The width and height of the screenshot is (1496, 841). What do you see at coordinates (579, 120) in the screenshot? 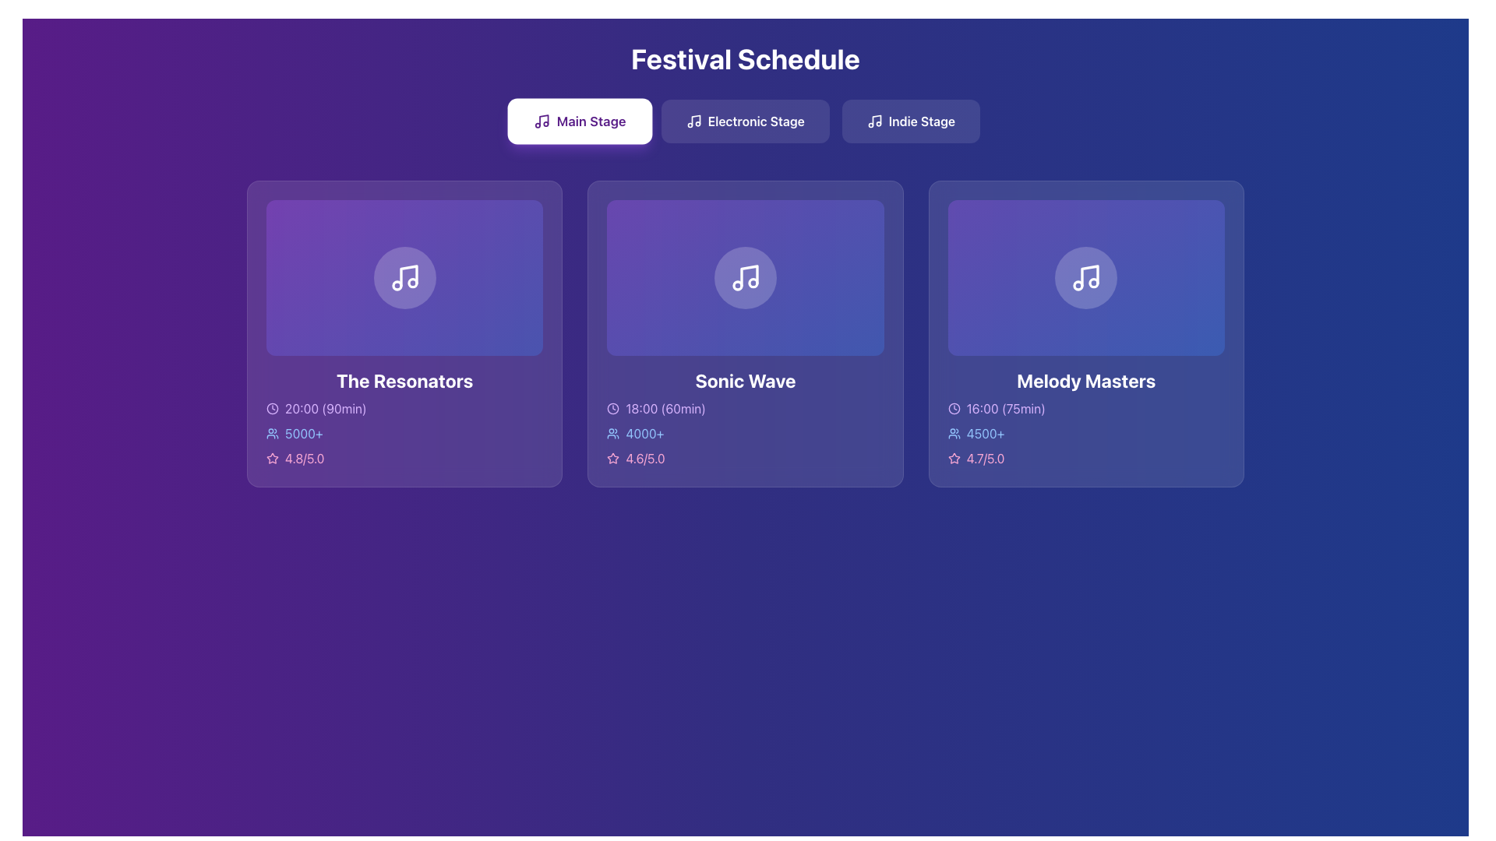
I see `the 'Main Stage' filter button located at the top center of the interface below the 'Festival Schedule' heading to filter events related to the Main Stage` at bounding box center [579, 120].